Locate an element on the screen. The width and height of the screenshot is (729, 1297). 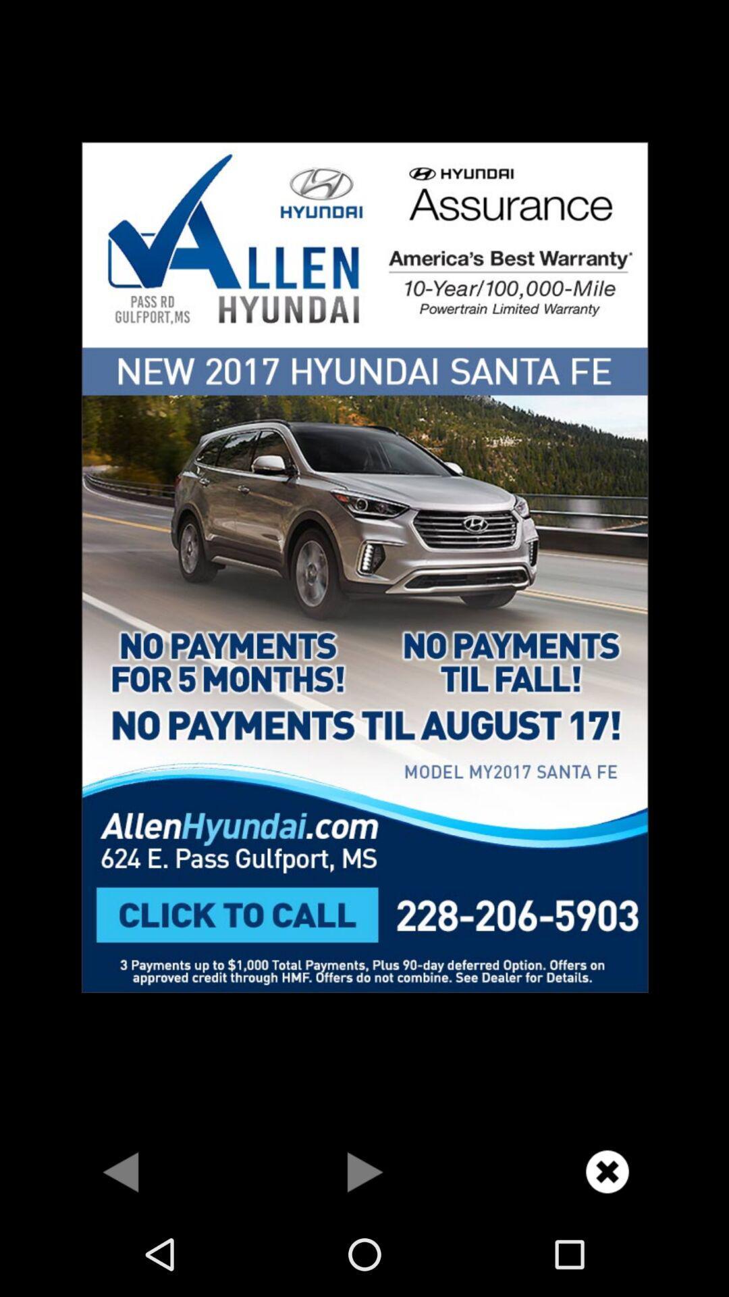
copy text is located at coordinates (364, 565).